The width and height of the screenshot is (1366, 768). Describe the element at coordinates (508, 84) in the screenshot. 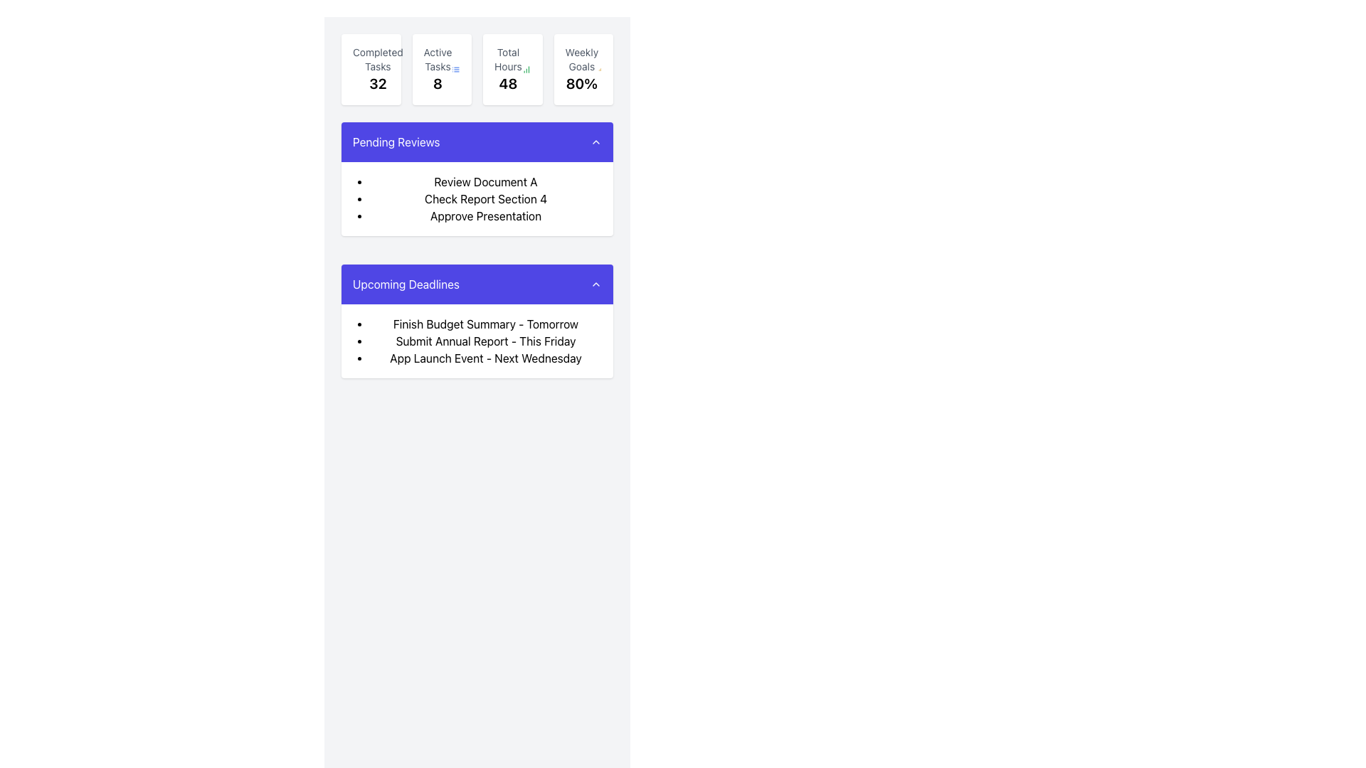

I see `the bold-text number '48' displayed under the 'Total Hours' label, which is the third element in the top row of summary statistics` at that location.